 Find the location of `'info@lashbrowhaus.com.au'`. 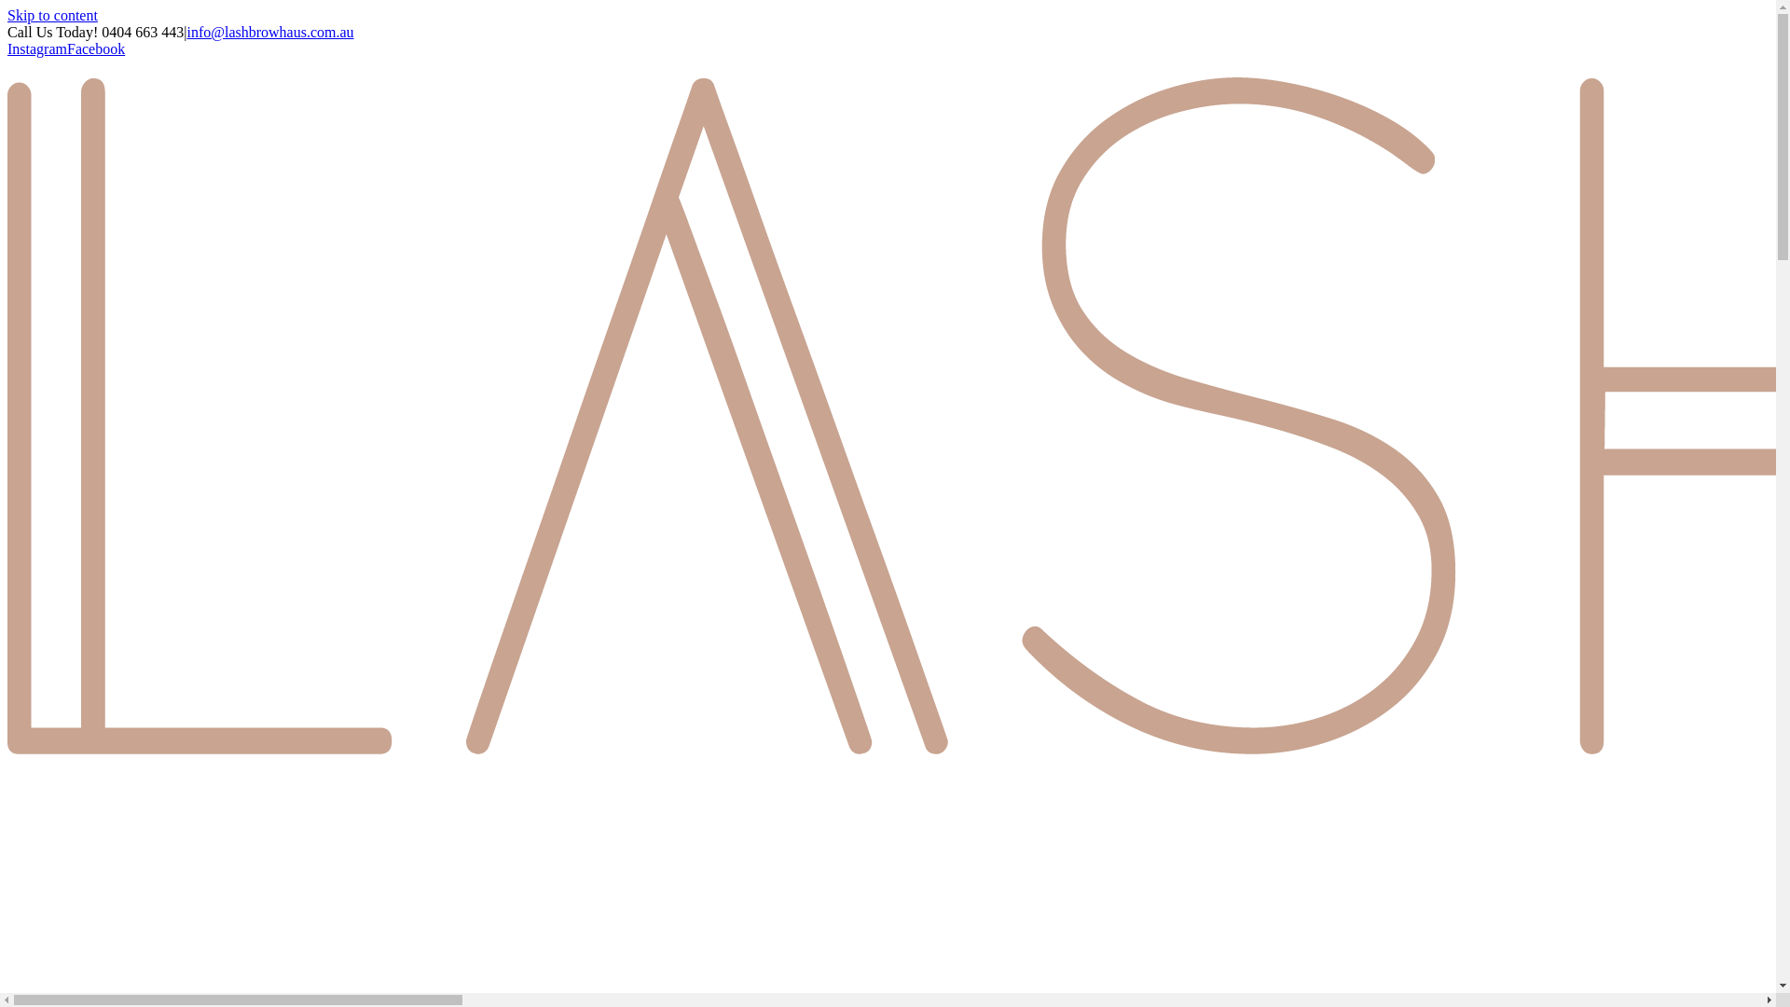

'info@lashbrowhaus.com.au' is located at coordinates (268, 32).